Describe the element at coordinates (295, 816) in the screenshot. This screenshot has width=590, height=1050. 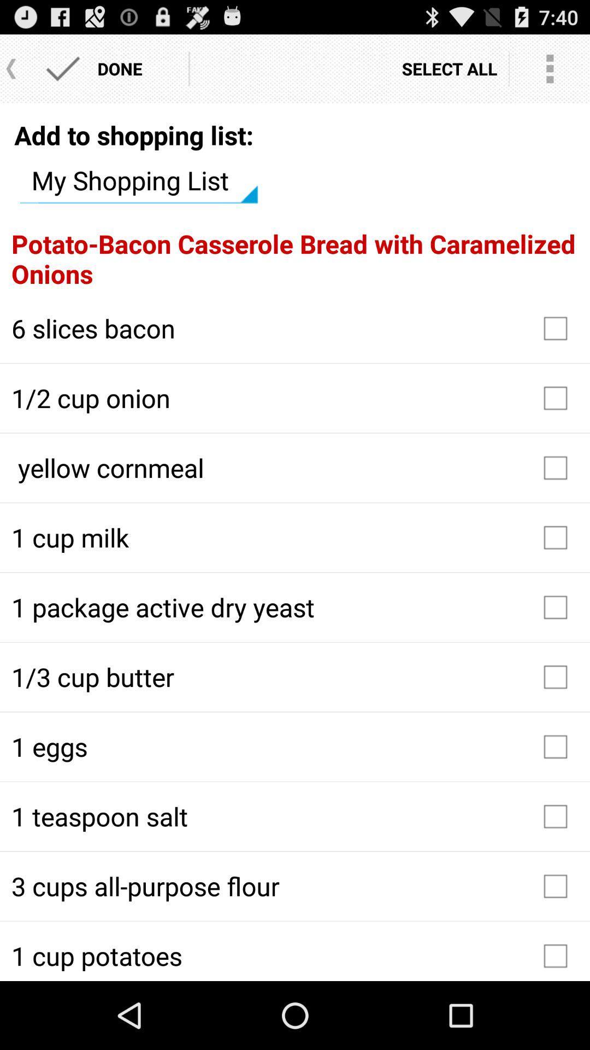
I see `the icon below the 1 eggs item` at that location.